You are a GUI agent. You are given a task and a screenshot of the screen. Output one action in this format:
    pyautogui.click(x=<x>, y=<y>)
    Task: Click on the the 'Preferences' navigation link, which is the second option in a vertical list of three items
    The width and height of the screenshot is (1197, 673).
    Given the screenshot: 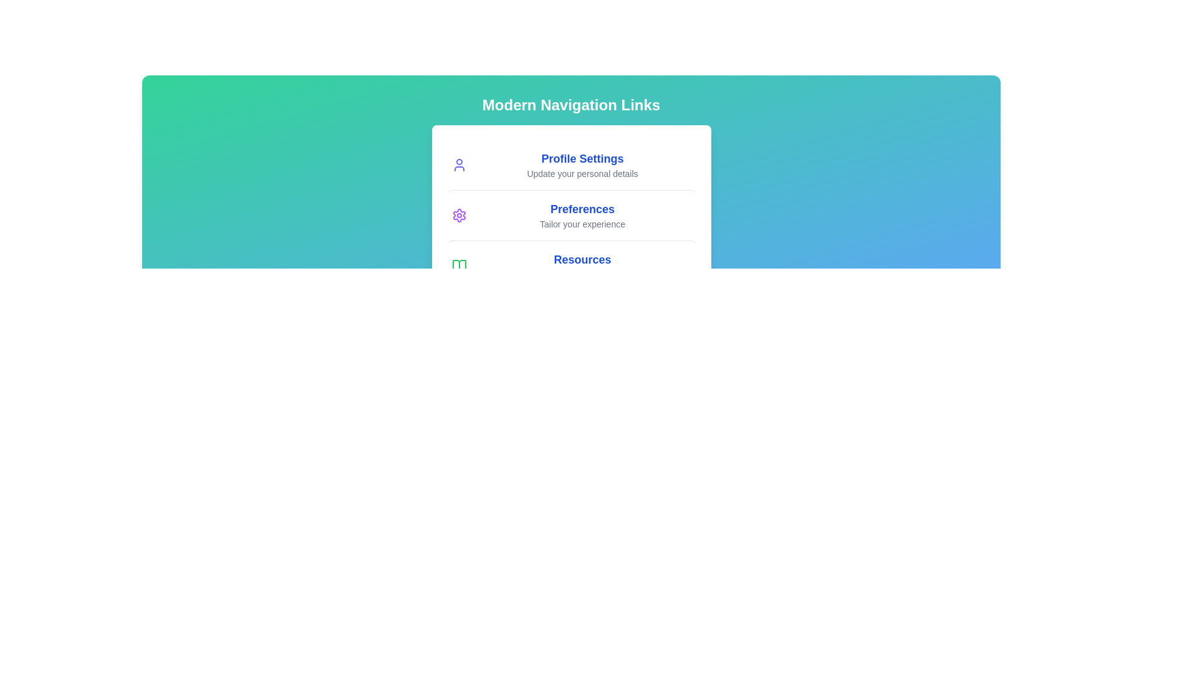 What is the action you would take?
    pyautogui.click(x=582, y=215)
    